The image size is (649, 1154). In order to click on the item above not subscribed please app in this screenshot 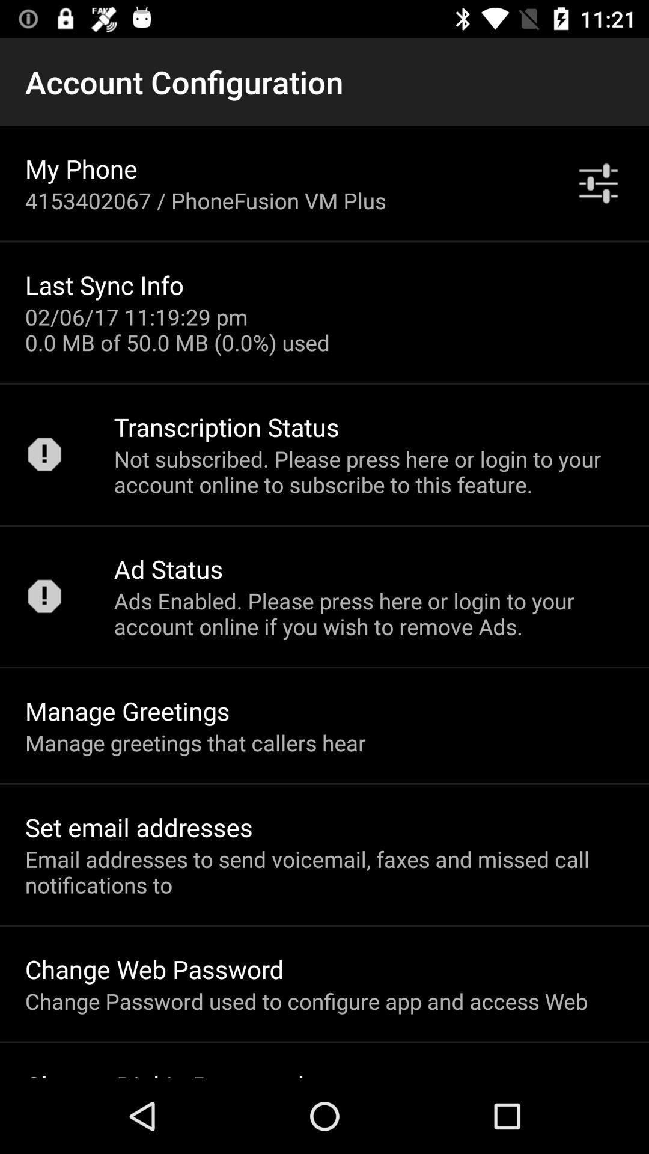, I will do `click(598, 183)`.